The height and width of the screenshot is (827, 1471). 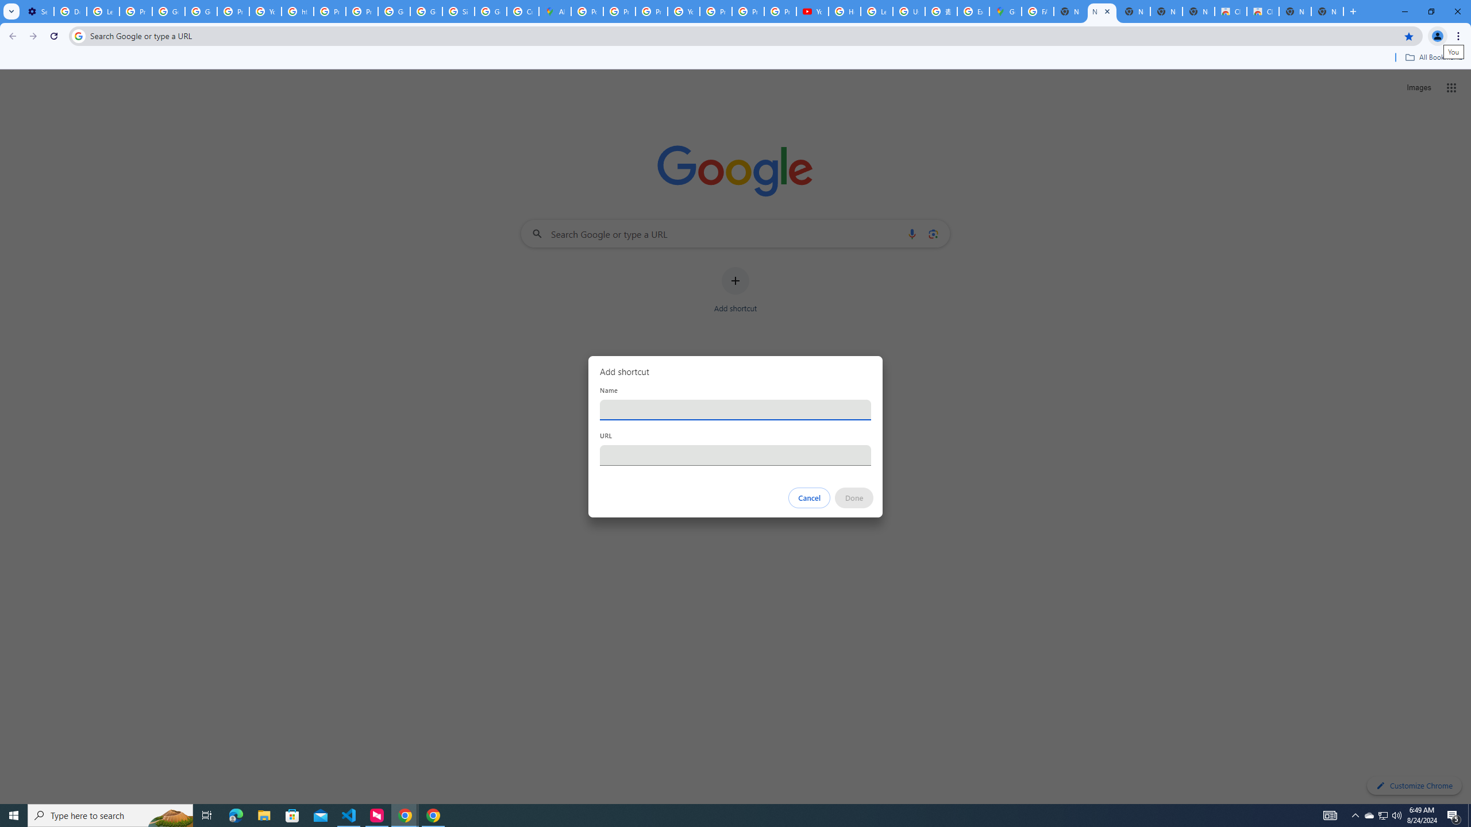 I want to click on 'New Tab', so click(x=1327, y=11).